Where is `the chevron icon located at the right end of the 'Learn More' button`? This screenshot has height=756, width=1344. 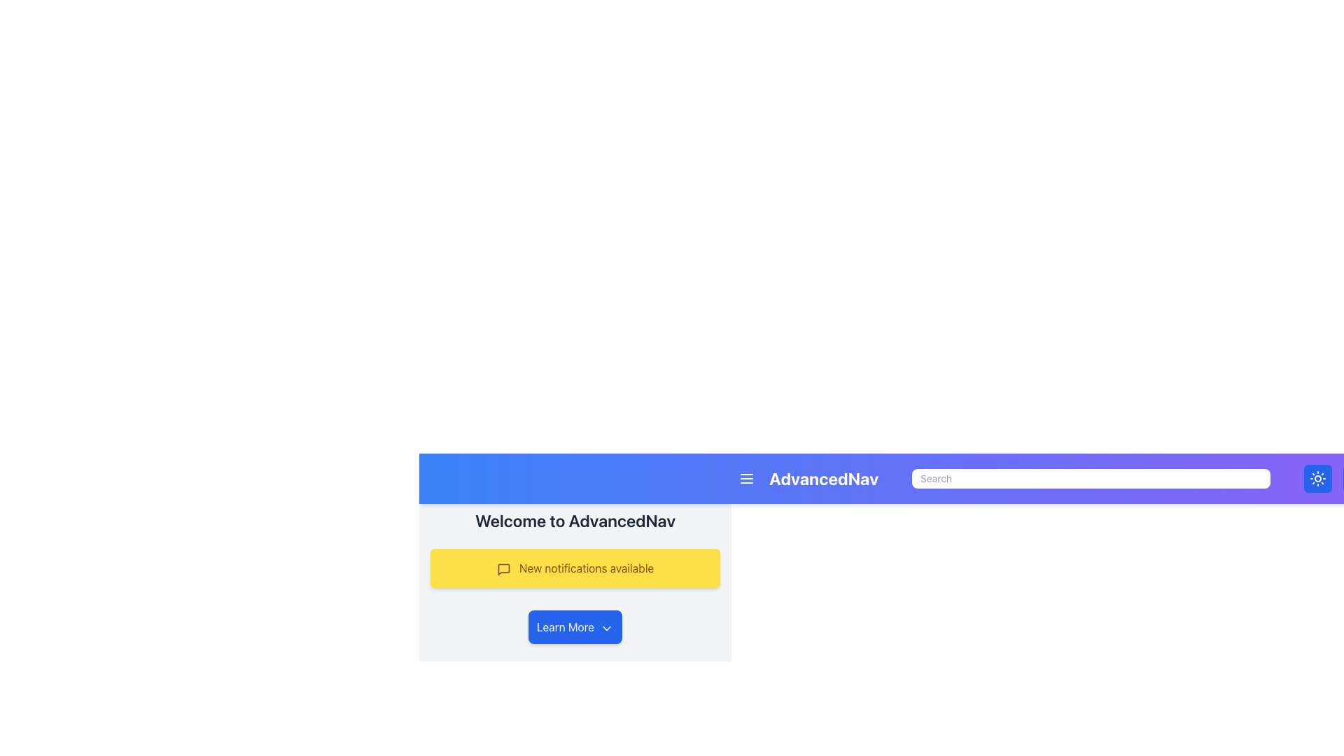
the chevron icon located at the right end of the 'Learn More' button is located at coordinates (607, 627).